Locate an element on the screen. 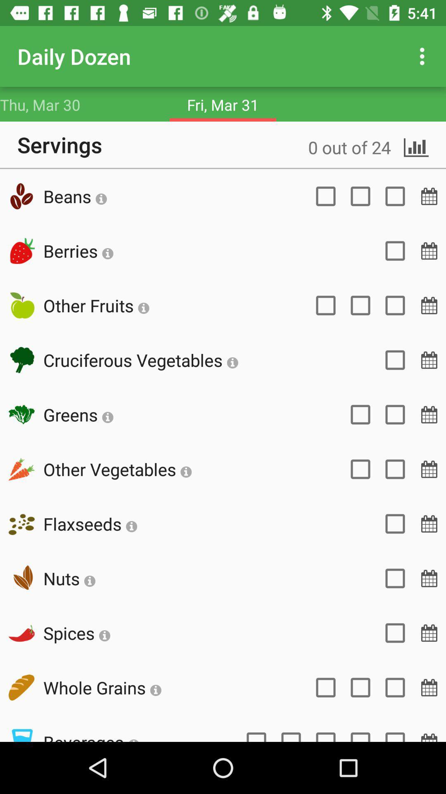 The image size is (446, 794). the date_range icon is located at coordinates (429, 414).